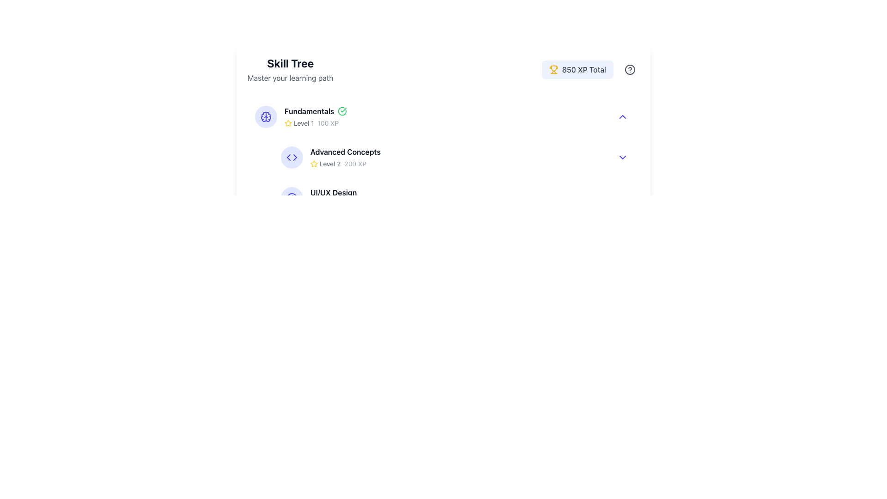 The height and width of the screenshot is (499, 887). Describe the element at coordinates (623, 157) in the screenshot. I see `the downward-facing blue chevron button located at the far right of the 'Advanced Concepts' section` at that location.